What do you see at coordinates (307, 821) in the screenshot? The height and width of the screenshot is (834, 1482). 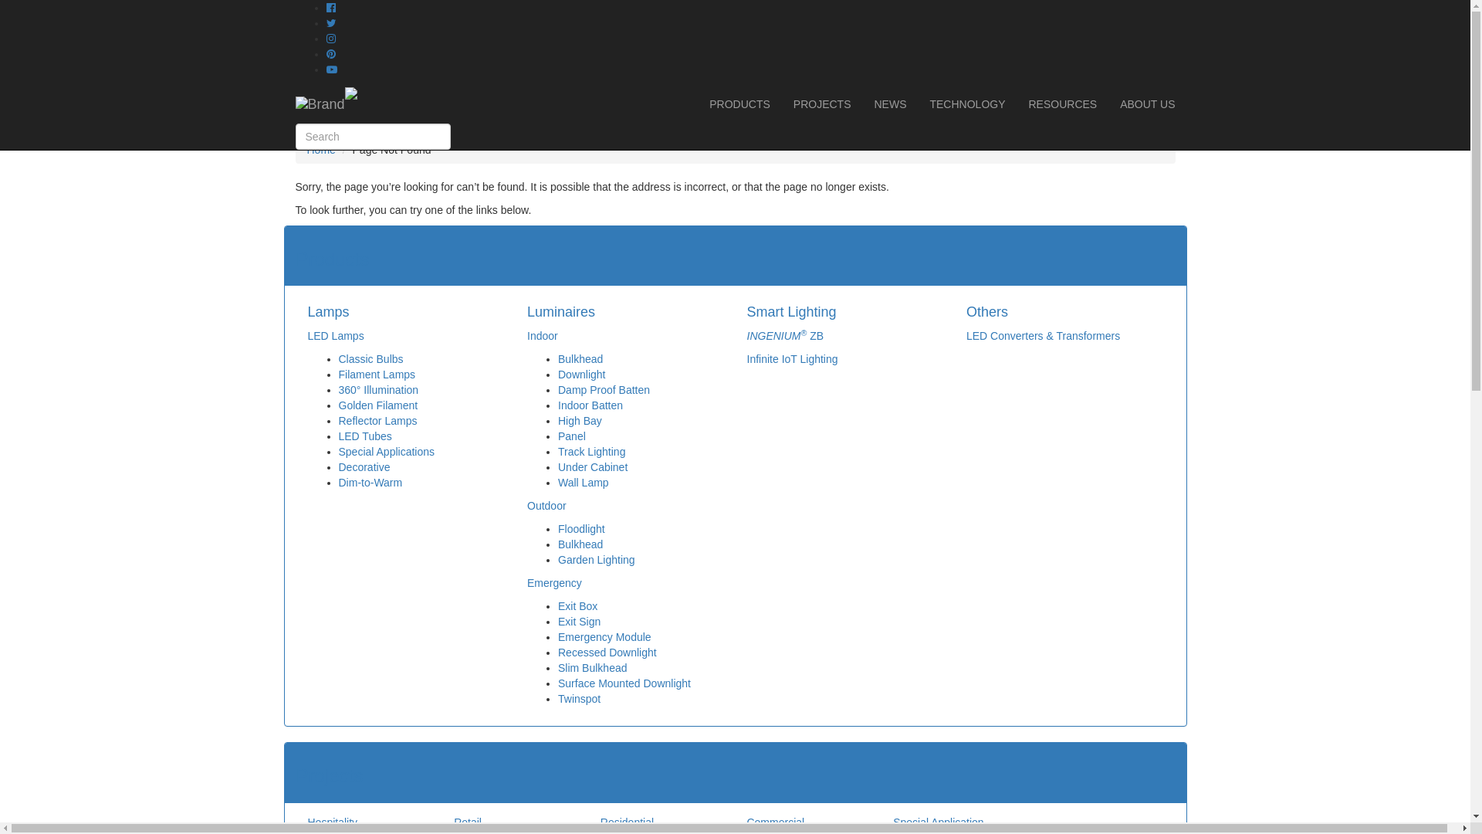 I see `'Hospitality'` at bounding box center [307, 821].